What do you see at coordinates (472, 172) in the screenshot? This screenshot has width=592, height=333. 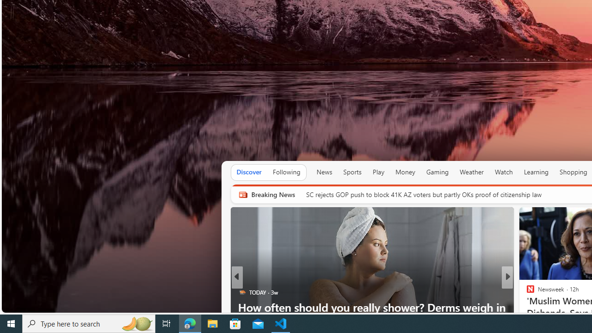 I see `'Weather'` at bounding box center [472, 172].